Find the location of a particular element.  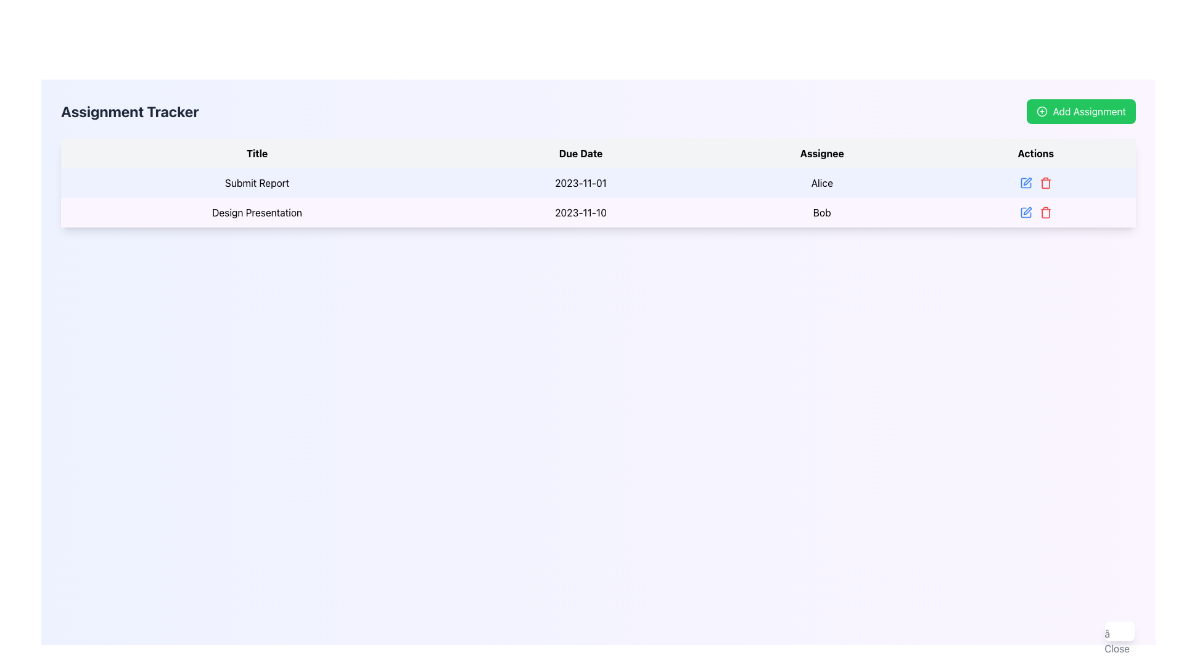

the small circular icon button located in the toolbar under the 'Actions' column for the 'Submit Report' row is located at coordinates (1035, 183).